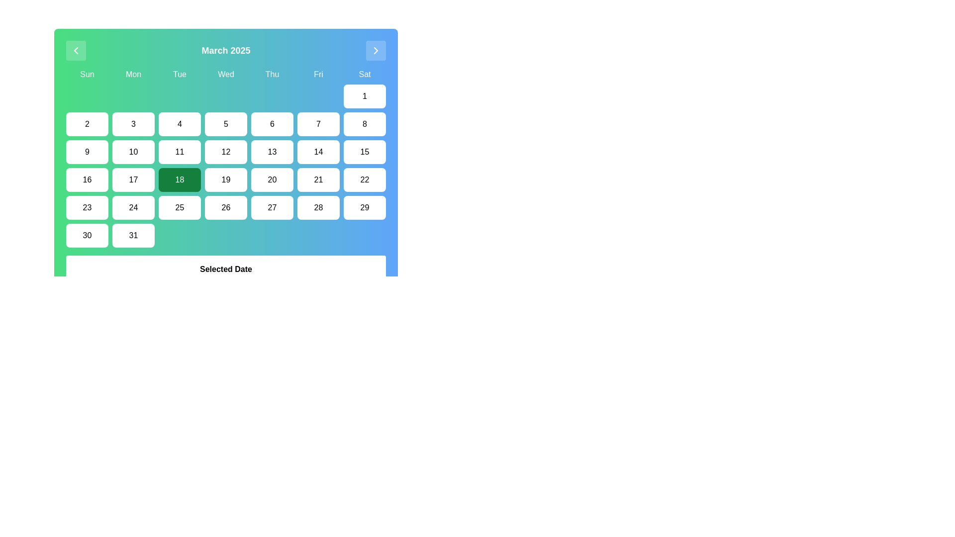 This screenshot has width=955, height=537. What do you see at coordinates (364, 152) in the screenshot?
I see `the button representing the 15th day of the calendar in March 2025, located in the third row and seventh column of the grid layout` at bounding box center [364, 152].